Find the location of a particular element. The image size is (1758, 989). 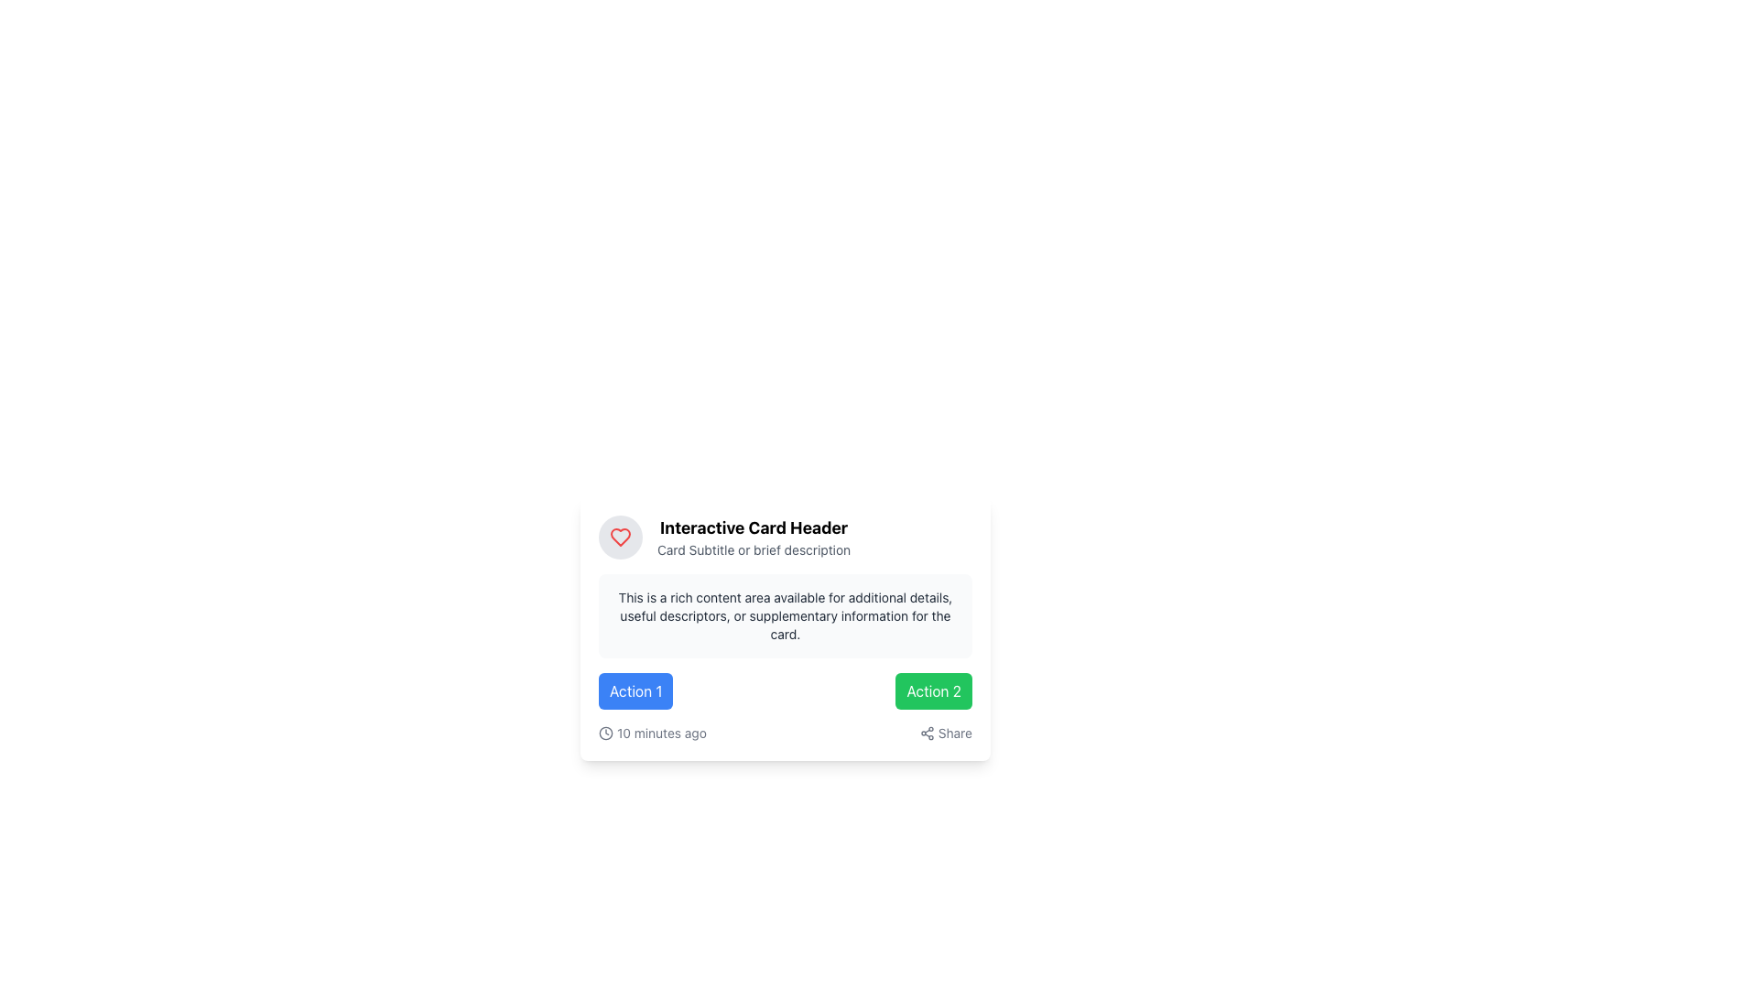

text from the Text Label located below the 'Interactive Card Header' within the card component for supplementary details is located at coordinates (754, 549).